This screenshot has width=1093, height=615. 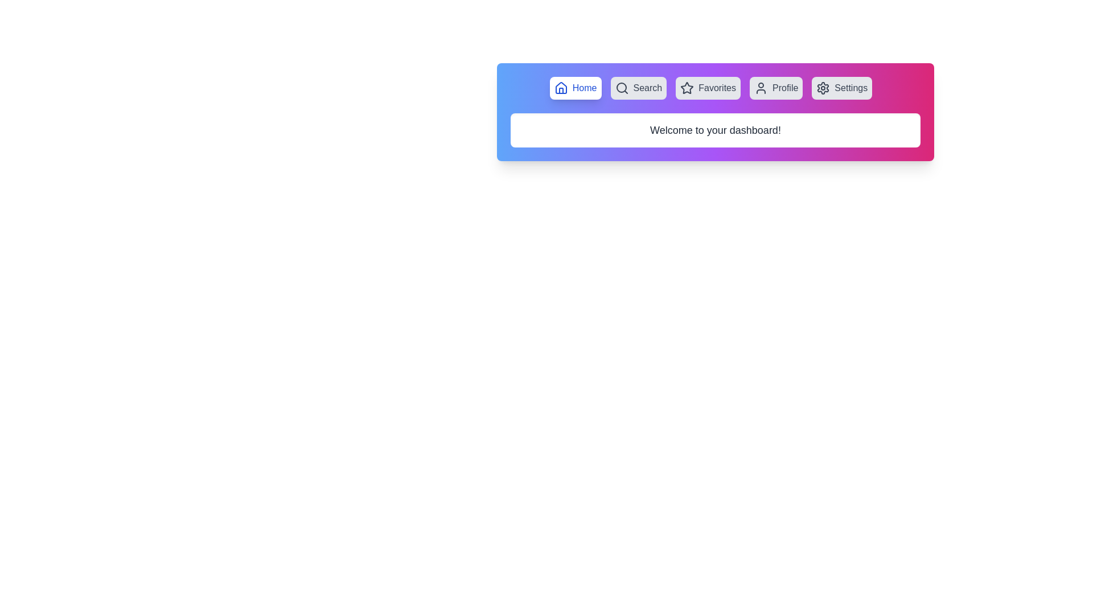 I want to click on the 'Settings' button, which is a rectangular button with a gear icon and dark gray text located on the right side of the navigation bar, so click(x=842, y=87).